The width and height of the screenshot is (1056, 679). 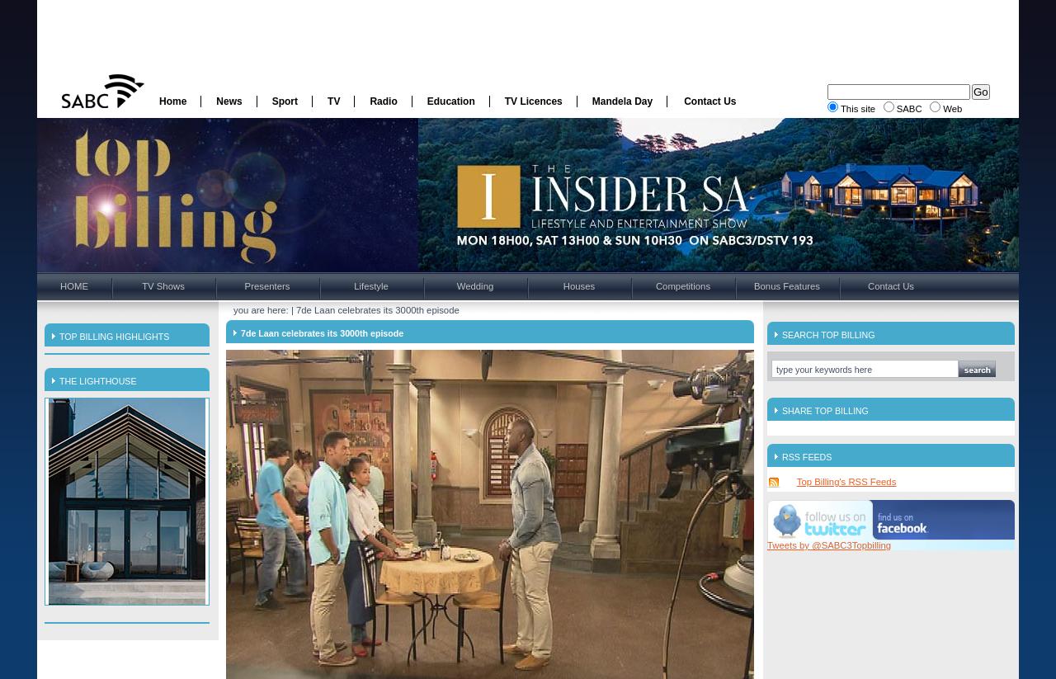 I want to click on 'This site', so click(x=856, y=109).